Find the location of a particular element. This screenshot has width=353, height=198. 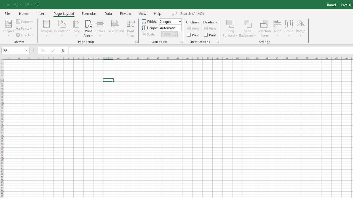

'More' is located at coordinates (175, 32).